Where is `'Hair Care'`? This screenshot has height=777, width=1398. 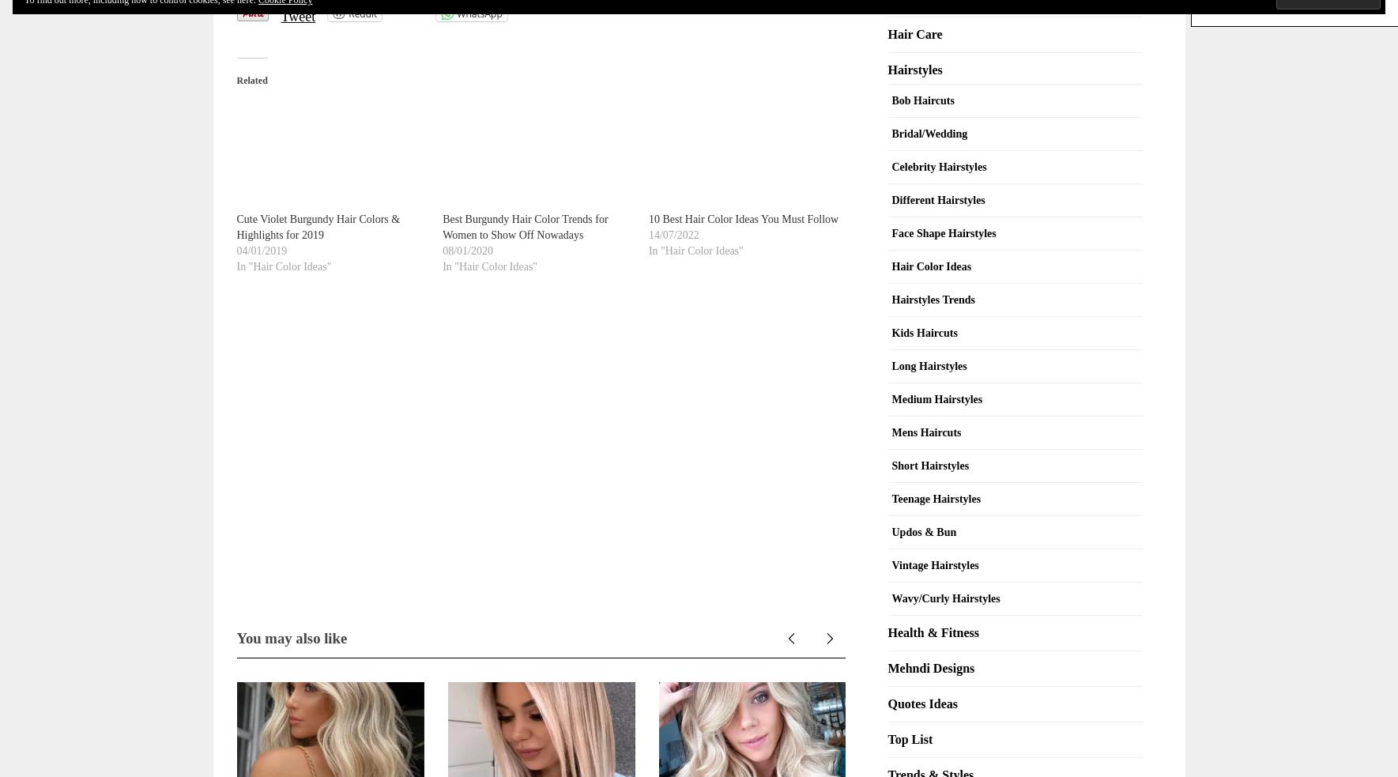 'Hair Care' is located at coordinates (914, 32).